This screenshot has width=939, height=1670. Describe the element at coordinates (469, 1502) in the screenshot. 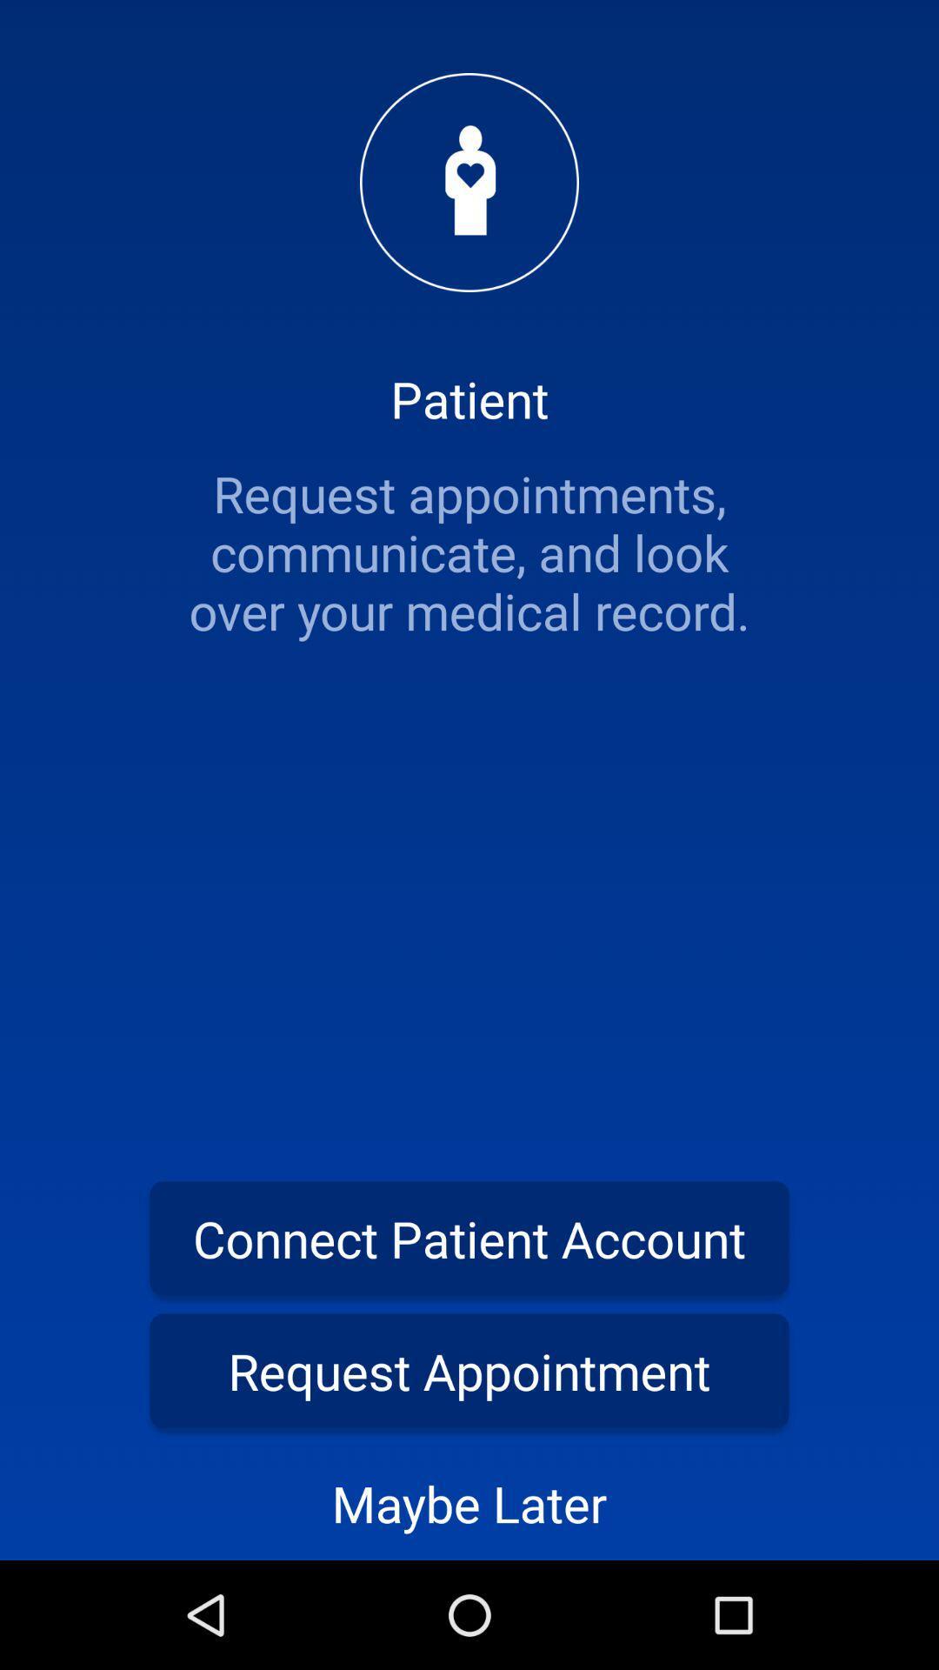

I see `the maybe later` at that location.